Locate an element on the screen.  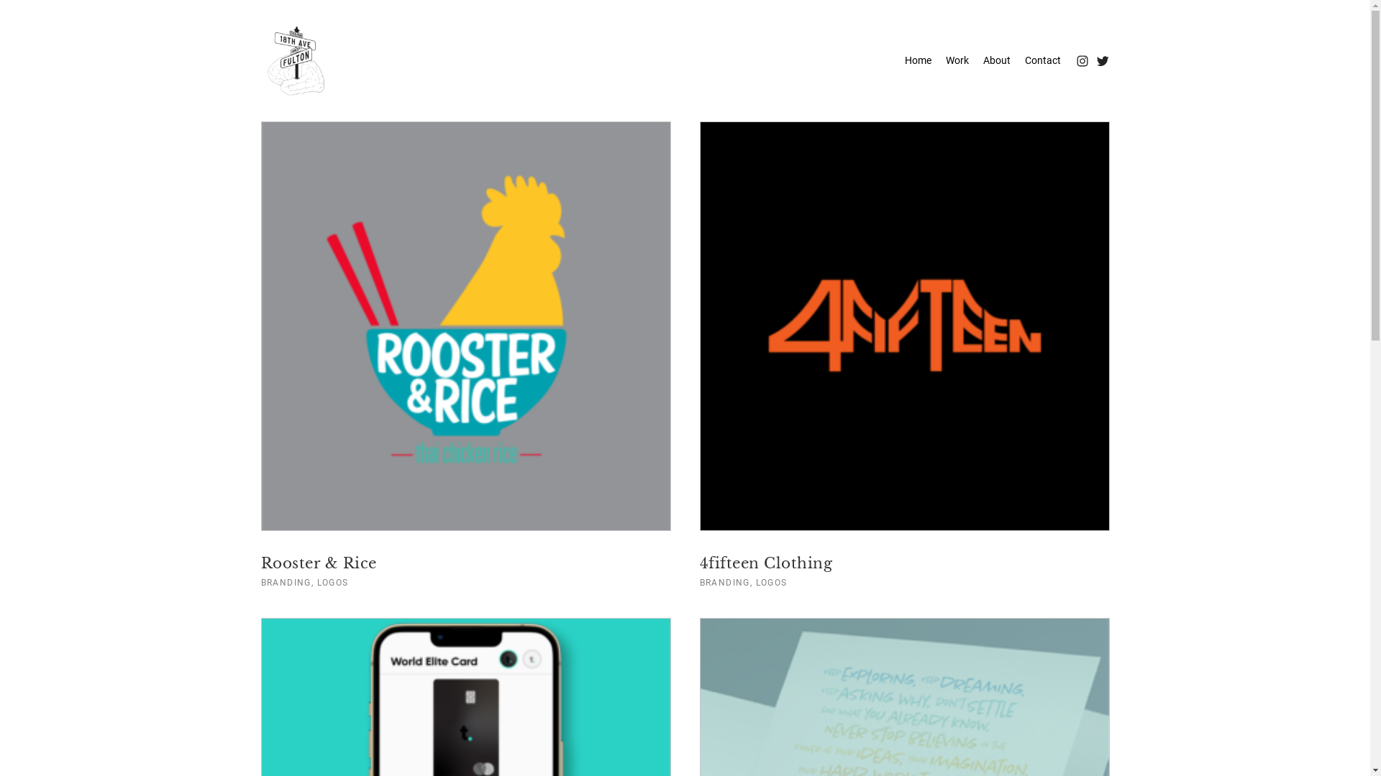
'LOGOS' is located at coordinates (332, 582).